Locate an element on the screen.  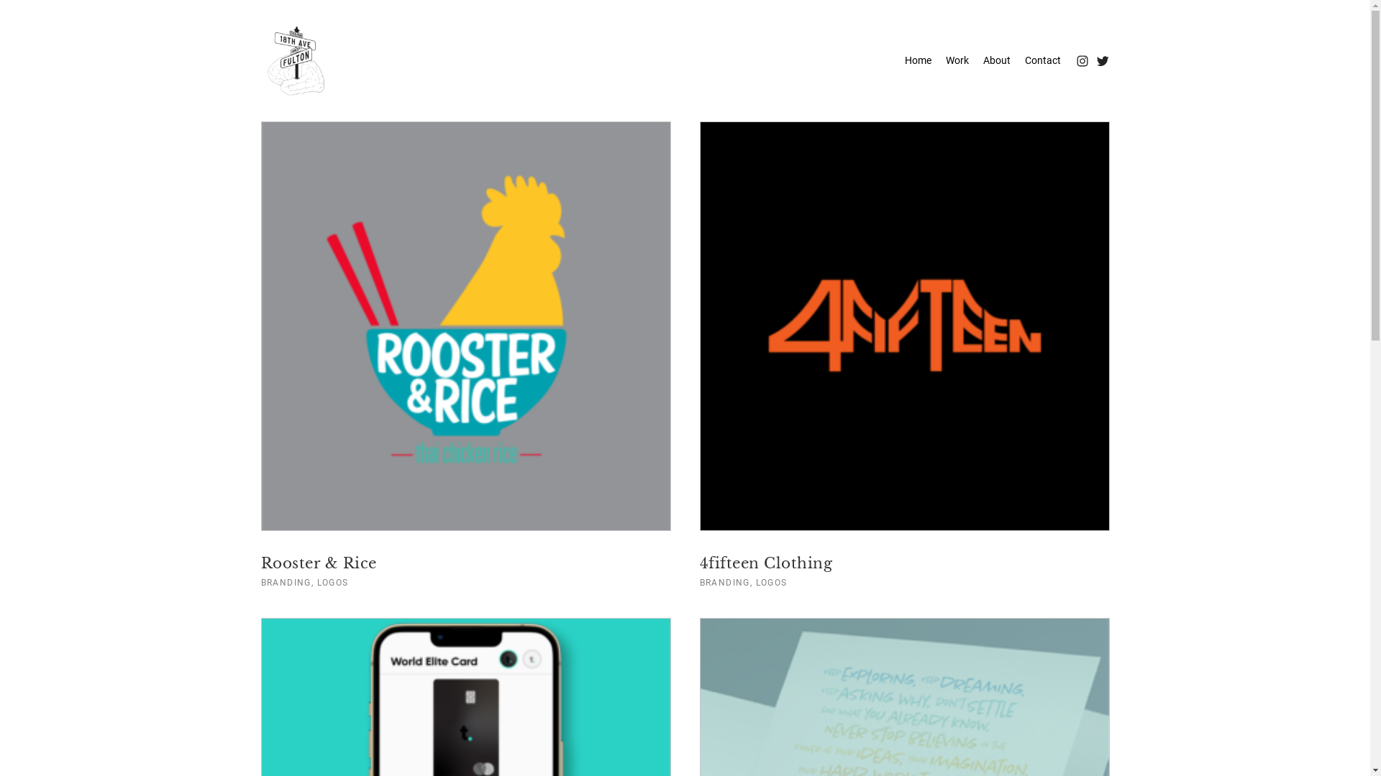
'LOGOS' is located at coordinates (332, 582).